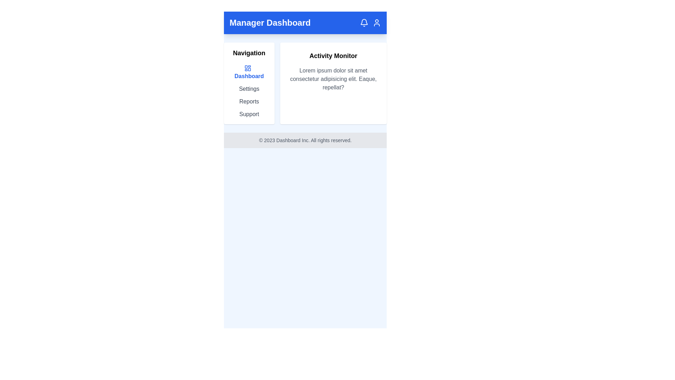 The height and width of the screenshot is (380, 675). Describe the element at coordinates (249, 72) in the screenshot. I see `the 'Dashboard' navigation link, which is styled in bold blue font and is the first option in the vertical navigation column` at that location.